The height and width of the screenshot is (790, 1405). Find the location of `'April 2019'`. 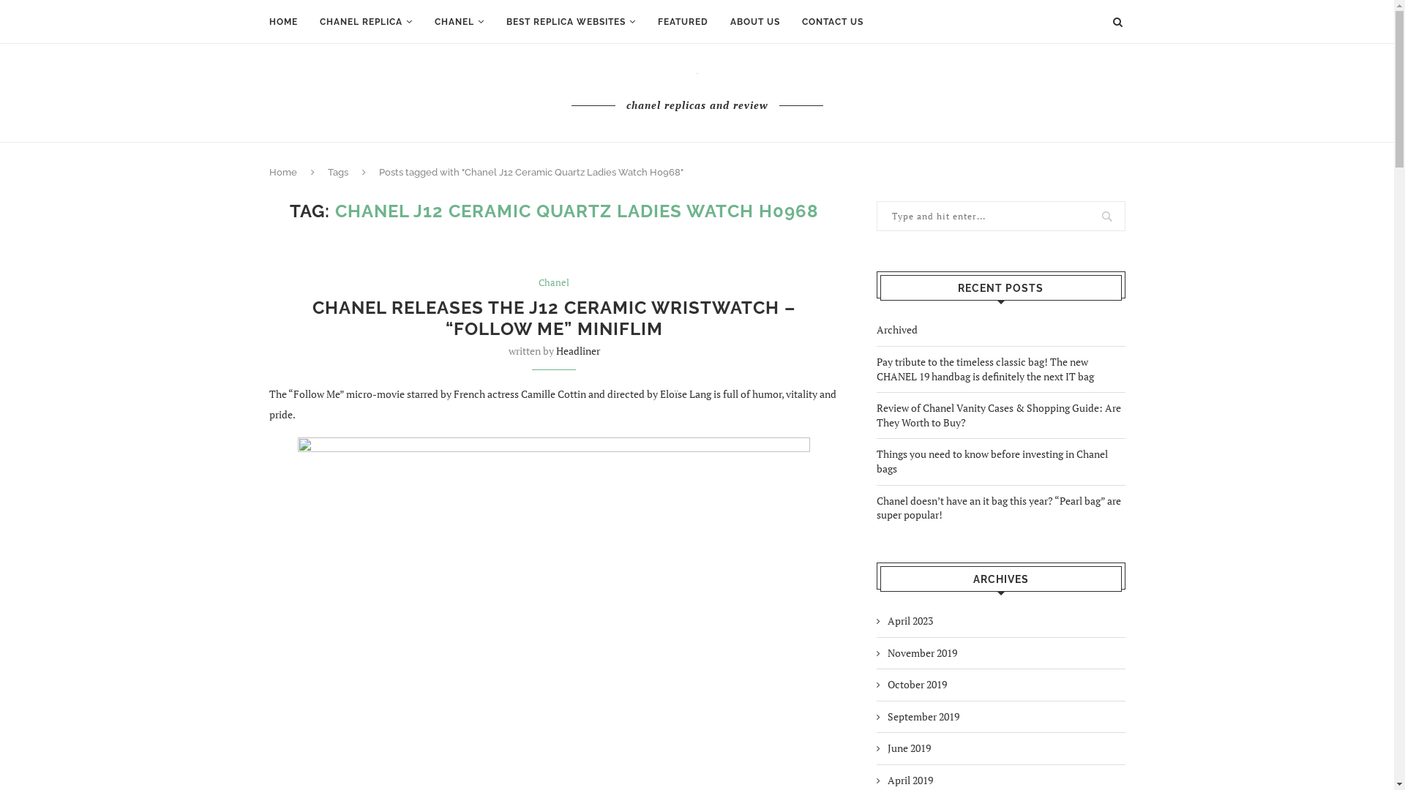

'April 2019' is located at coordinates (877, 780).